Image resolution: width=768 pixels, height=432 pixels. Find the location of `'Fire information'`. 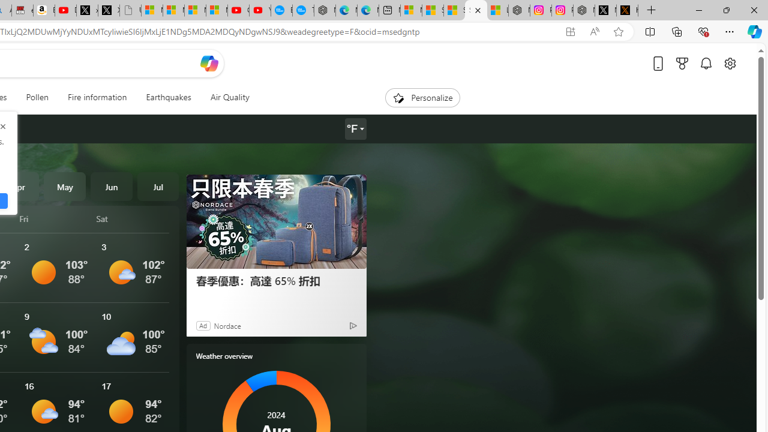

'Fire information' is located at coordinates (97, 97).